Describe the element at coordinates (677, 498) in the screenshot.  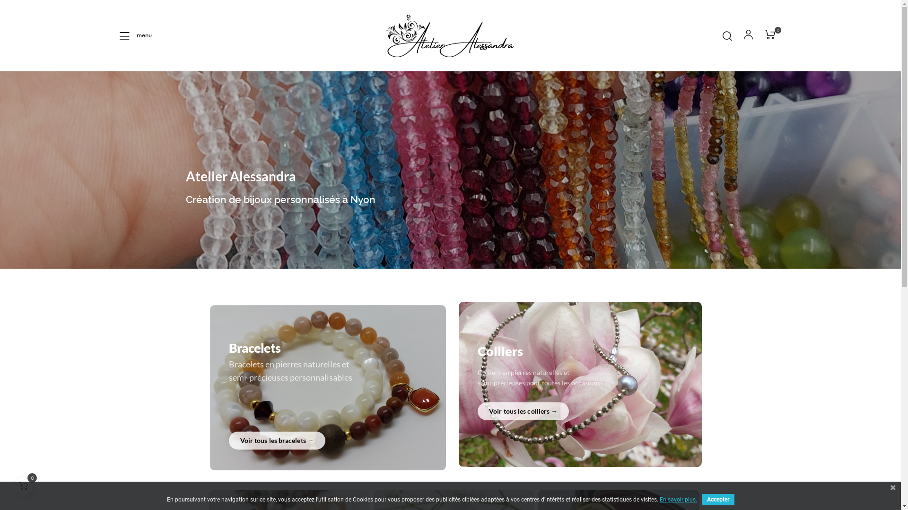
I see `'En savoir plus.'` at that location.